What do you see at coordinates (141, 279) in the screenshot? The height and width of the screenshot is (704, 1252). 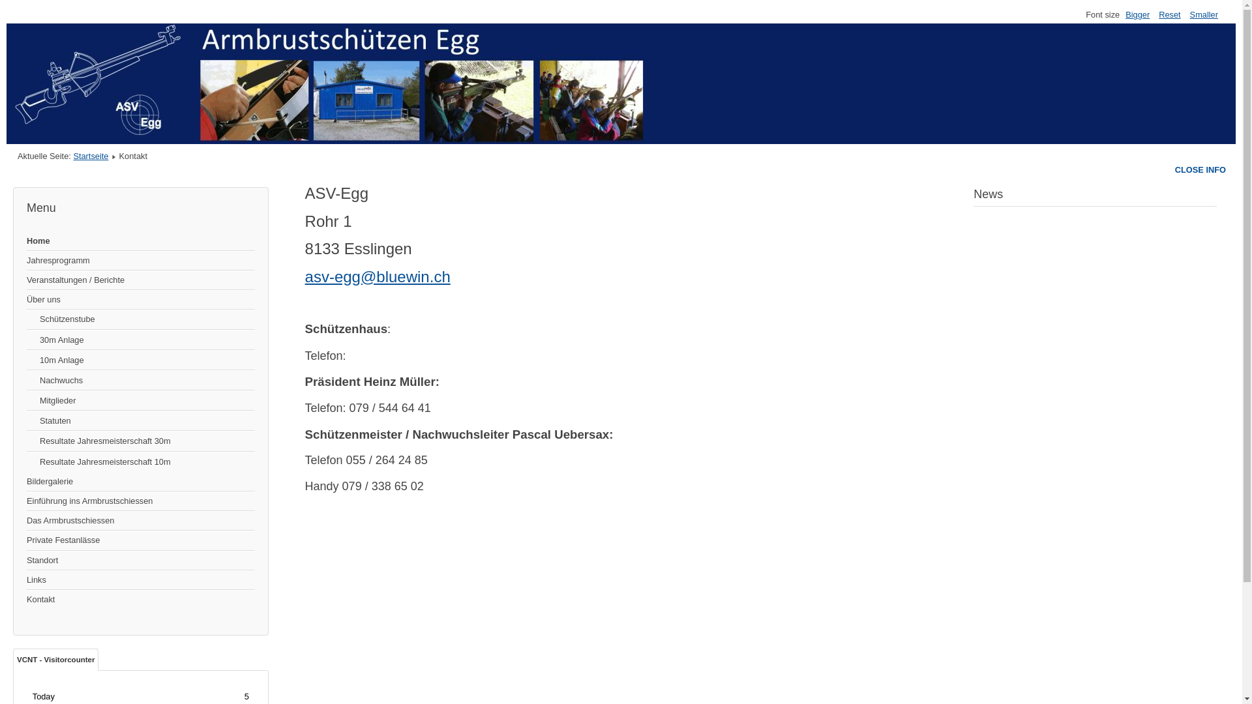 I see `'Veranstaltungen / Berichte'` at bounding box center [141, 279].